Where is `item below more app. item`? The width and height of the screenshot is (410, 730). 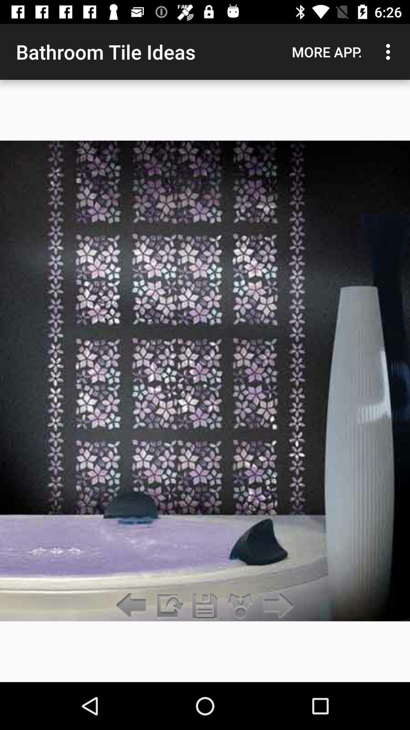 item below more app. item is located at coordinates (277, 606).